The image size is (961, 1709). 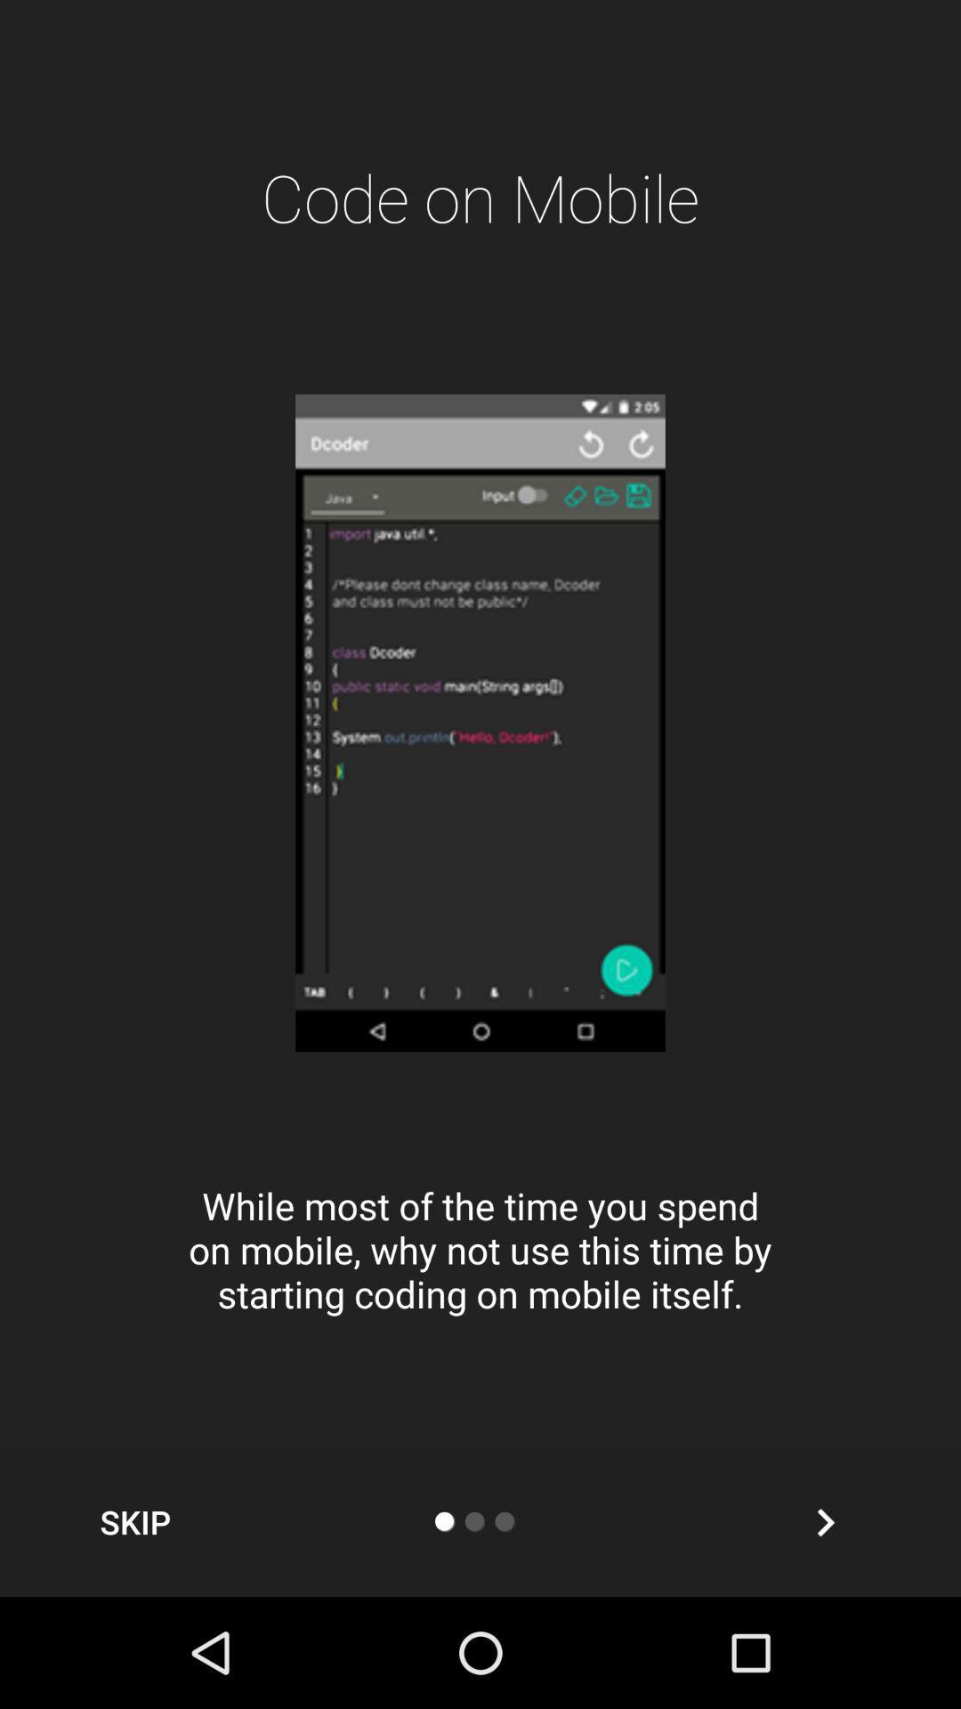 What do you see at coordinates (134, 1521) in the screenshot?
I see `the item at the bottom left corner` at bounding box center [134, 1521].